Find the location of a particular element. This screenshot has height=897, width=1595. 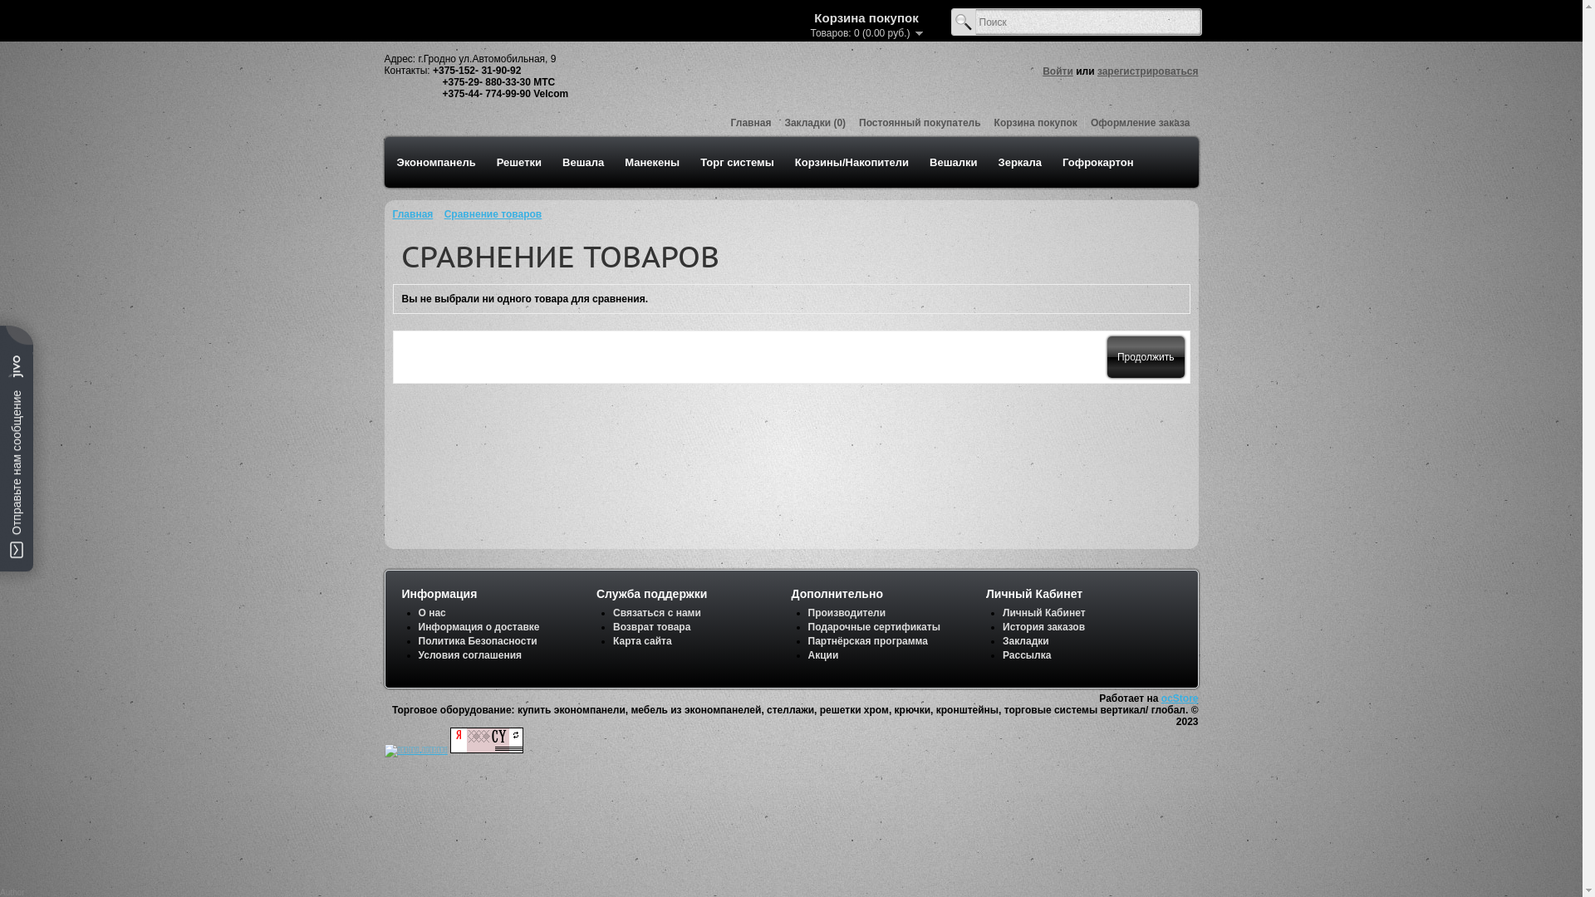

'ocStore' is located at coordinates (1179, 698).